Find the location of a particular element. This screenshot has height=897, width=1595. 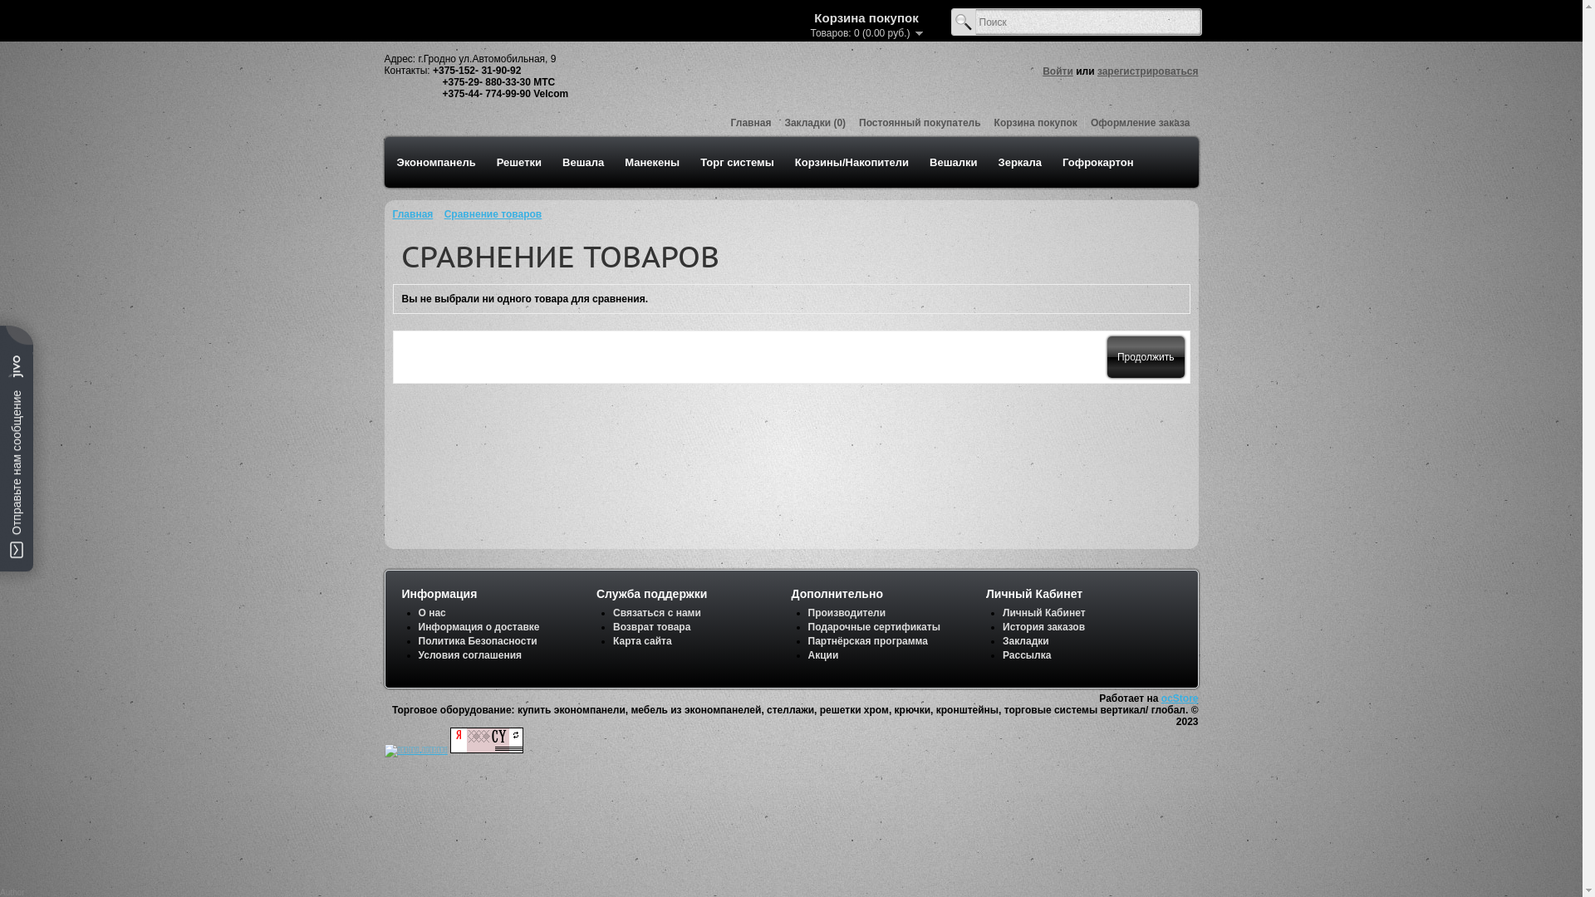

'ocStore' is located at coordinates (1179, 698).